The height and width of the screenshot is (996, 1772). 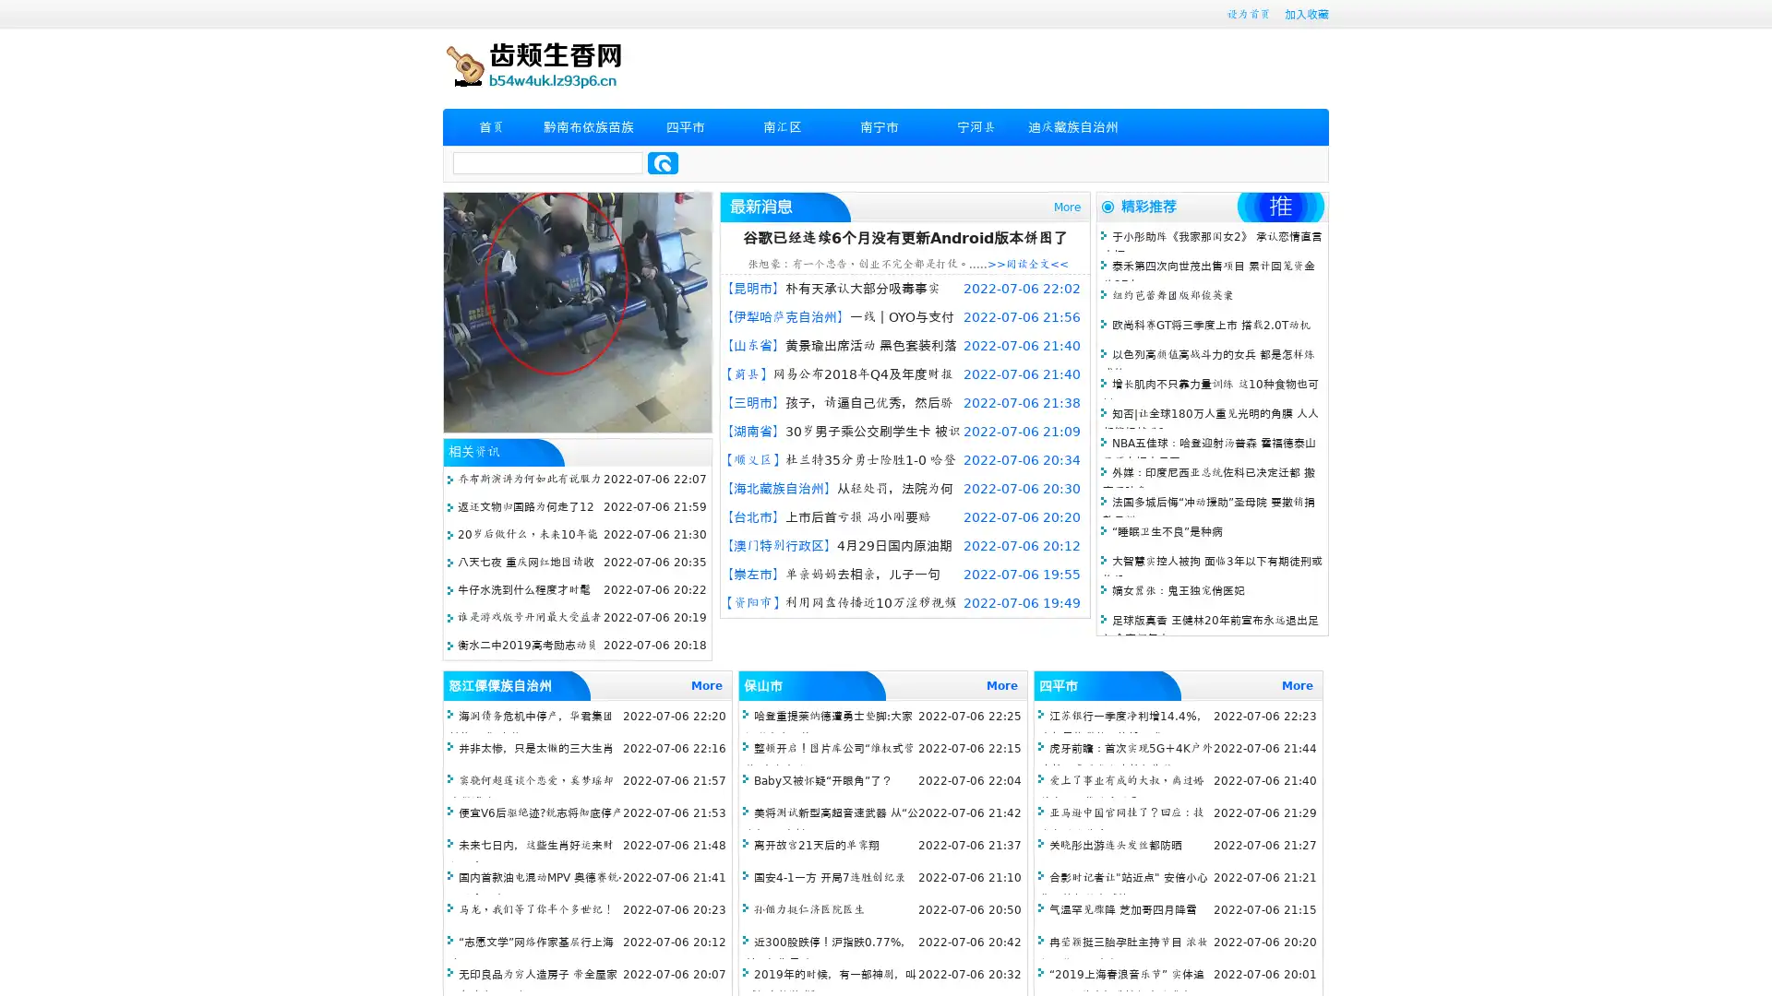 I want to click on Search, so click(x=663, y=162).